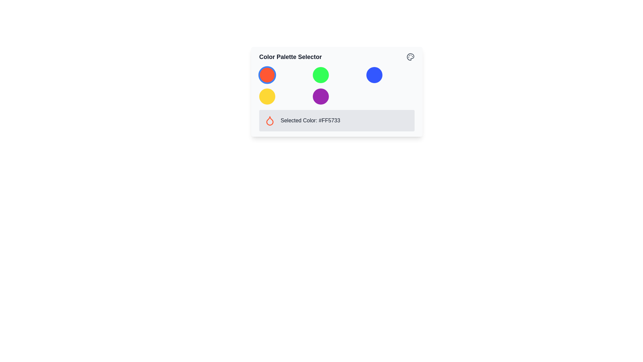 Image resolution: width=643 pixels, height=362 pixels. Describe the element at coordinates (310, 120) in the screenshot. I see `displayed hexadecimal color code from the informational text label located to the right of the droplet icon` at that location.